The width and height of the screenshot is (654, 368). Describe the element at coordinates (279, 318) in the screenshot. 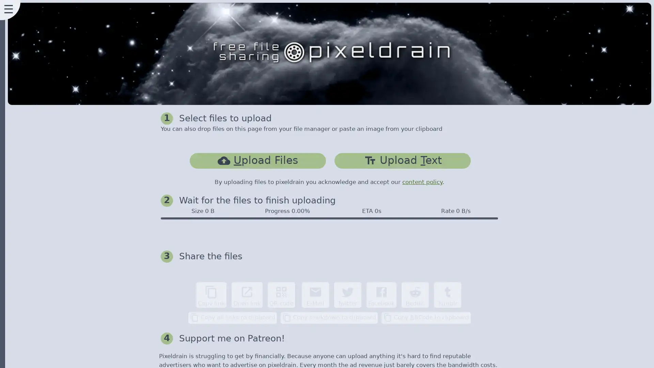

I see `content_copy Copy all links to clipboard` at that location.